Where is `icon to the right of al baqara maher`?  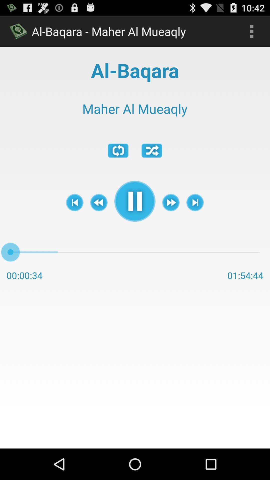
icon to the right of al baqara maher is located at coordinates (251, 31).